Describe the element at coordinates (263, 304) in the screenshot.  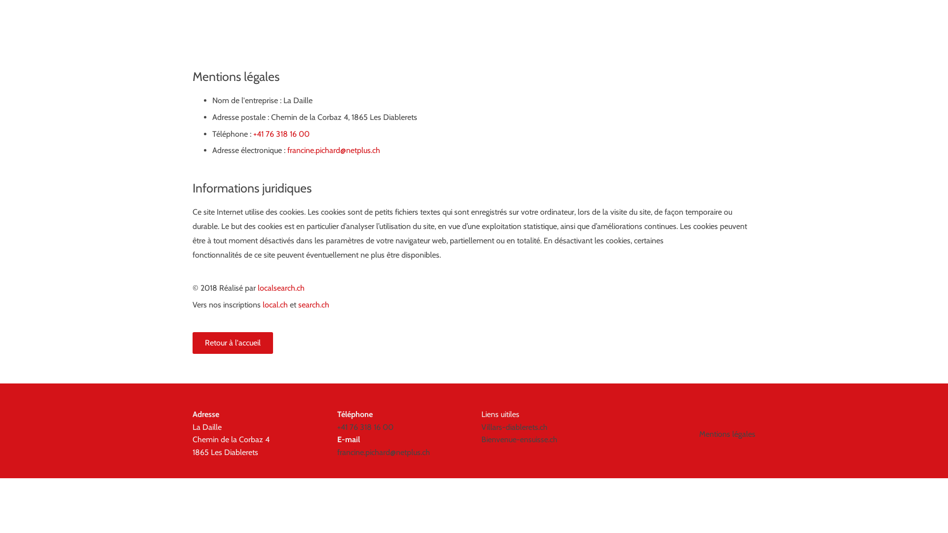
I see `'local.ch'` at that location.